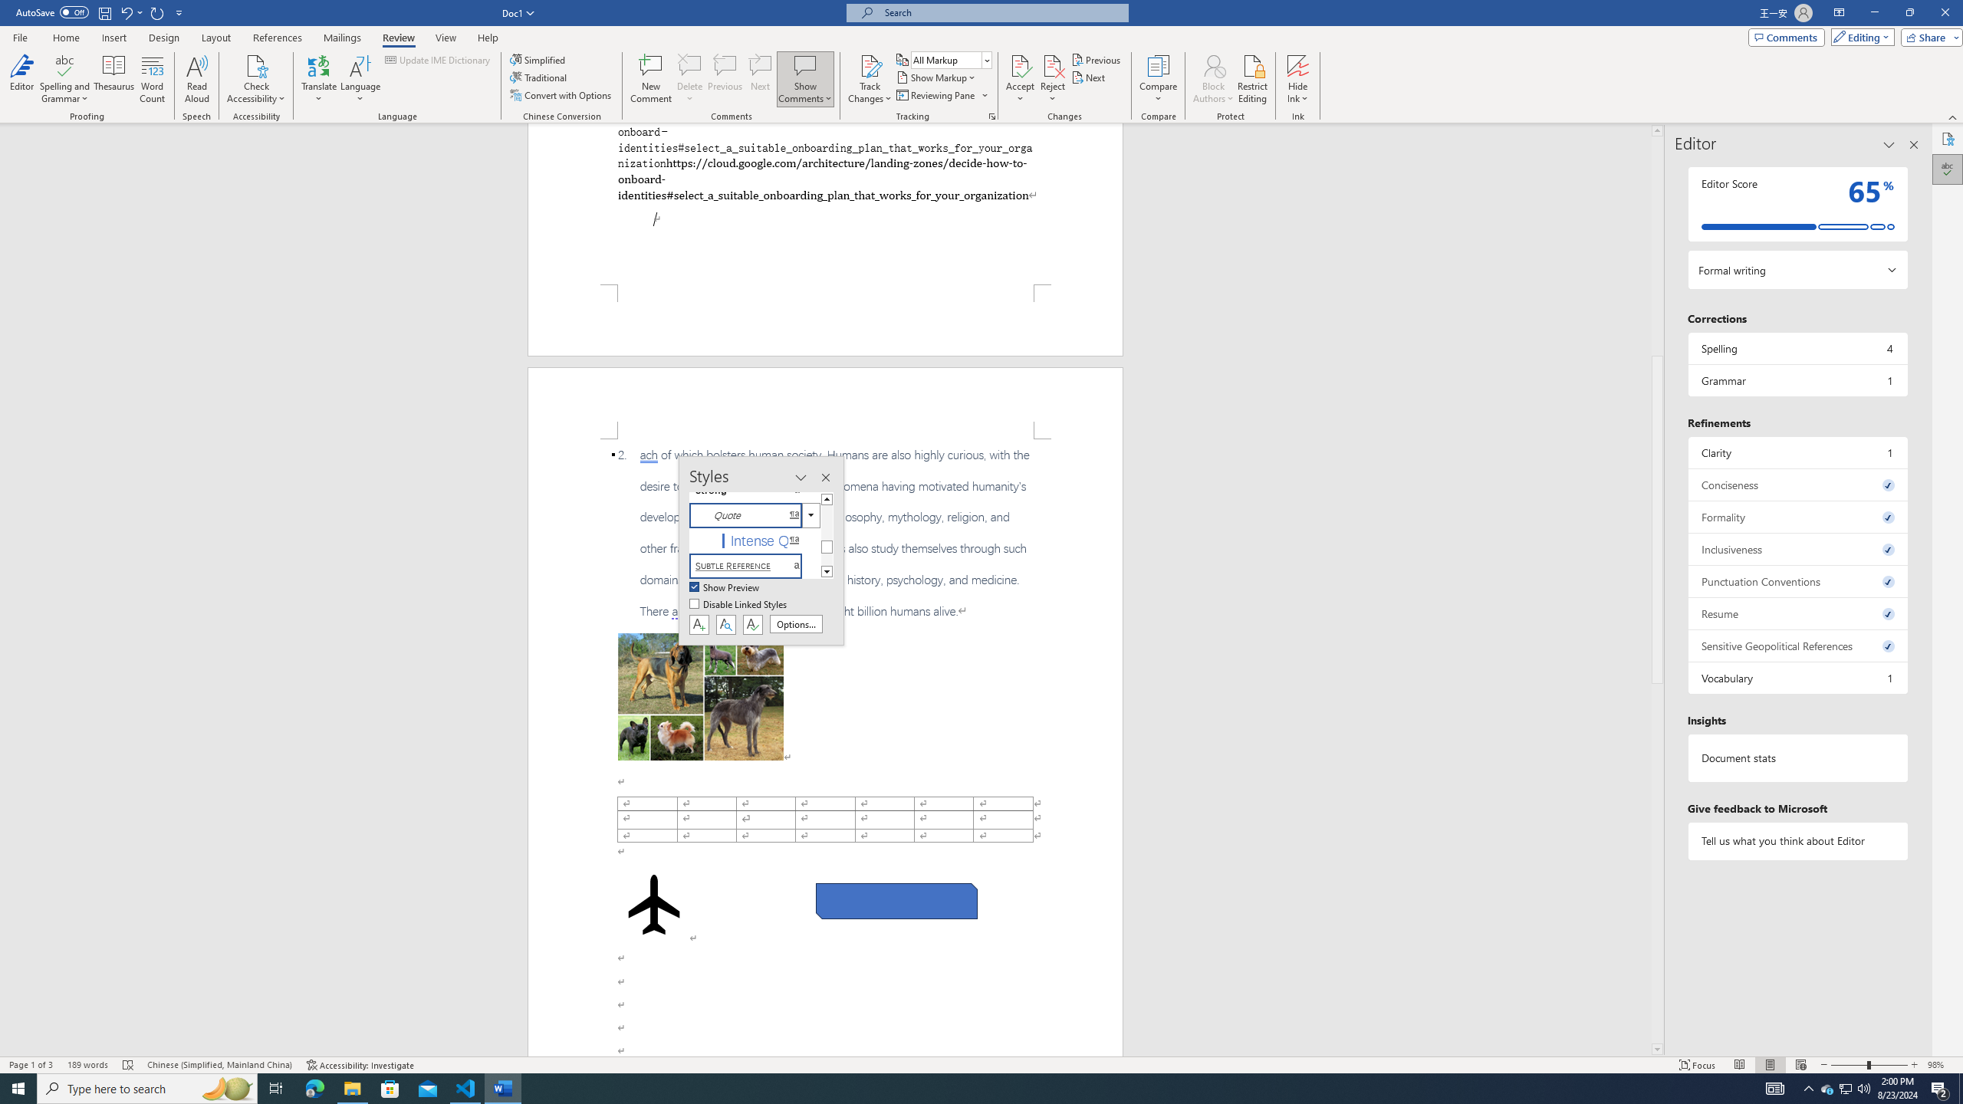  I want to click on 'Accessibility', so click(1947, 138).